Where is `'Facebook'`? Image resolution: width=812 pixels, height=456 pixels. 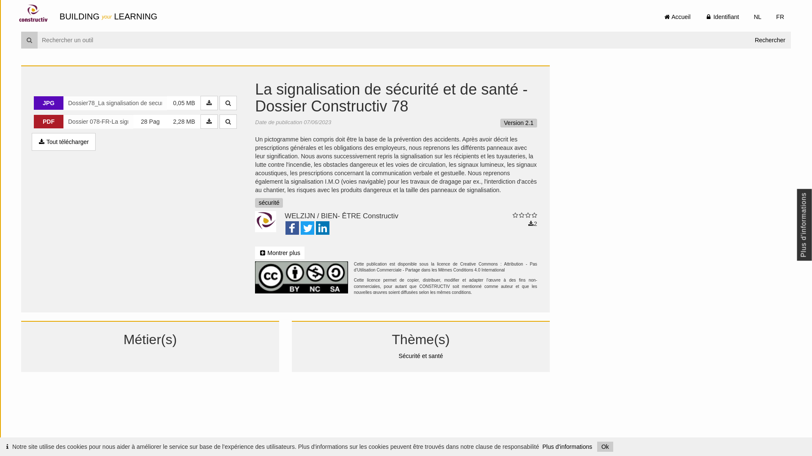 'Facebook' is located at coordinates (292, 228).